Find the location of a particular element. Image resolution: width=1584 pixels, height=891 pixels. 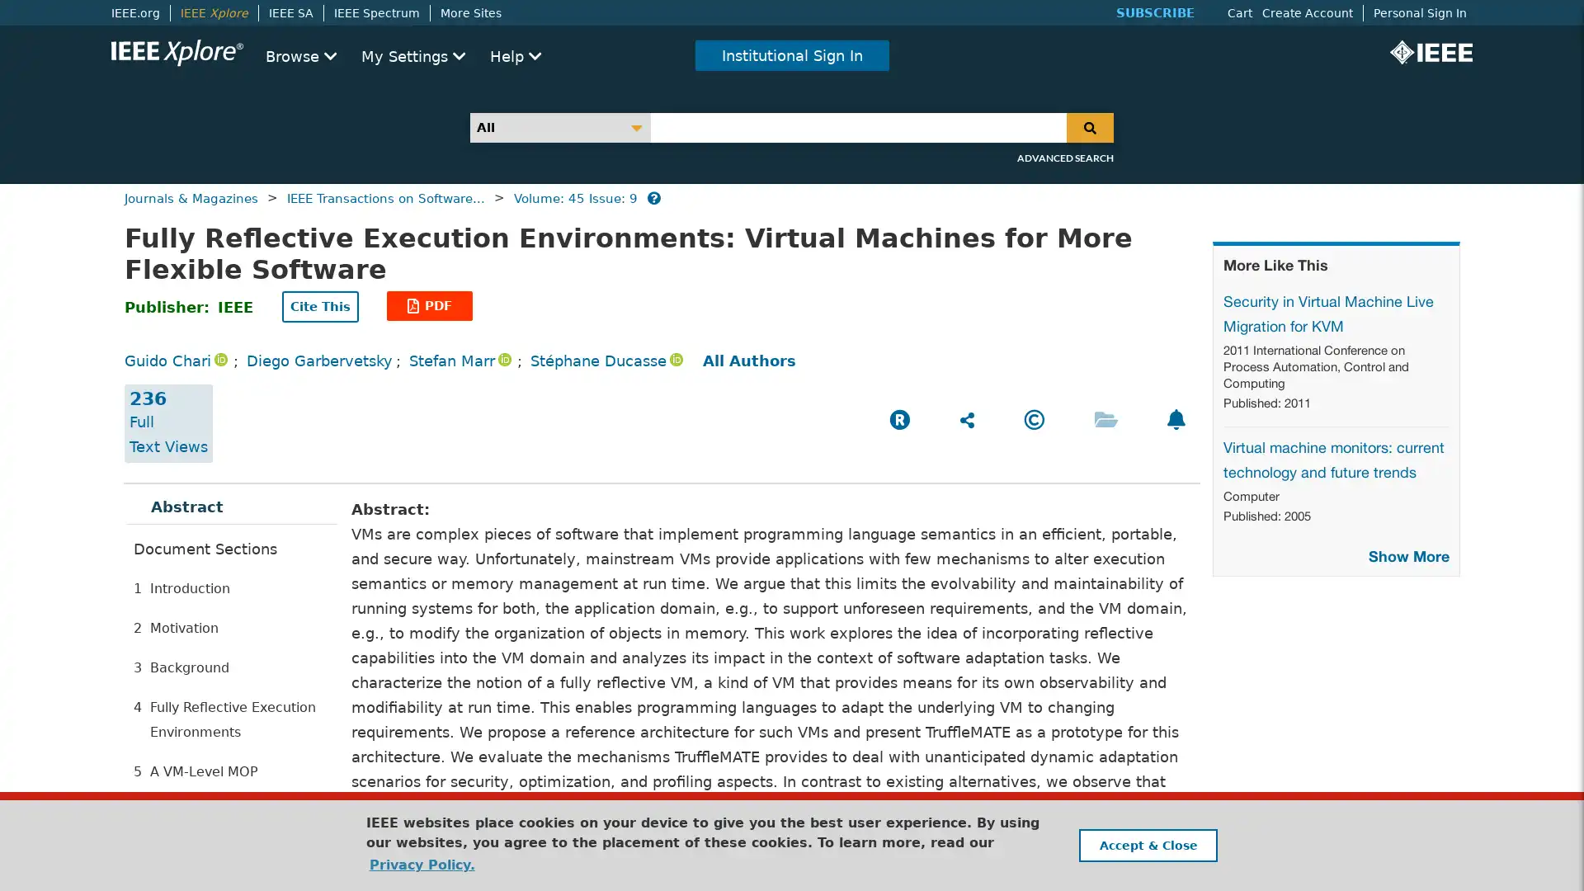

Show Full Outline is located at coordinates (200, 804).